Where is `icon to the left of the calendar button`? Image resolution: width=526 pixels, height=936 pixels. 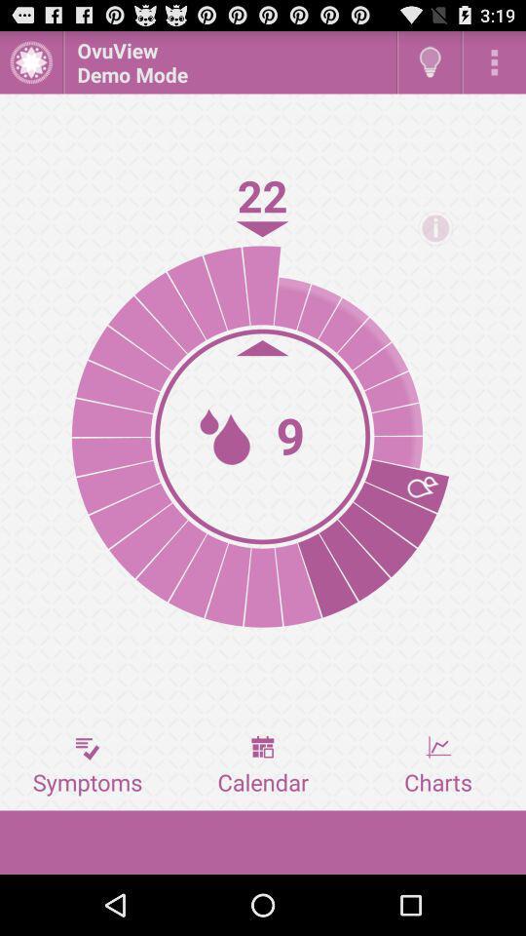
icon to the left of the calendar button is located at coordinates (87, 765).